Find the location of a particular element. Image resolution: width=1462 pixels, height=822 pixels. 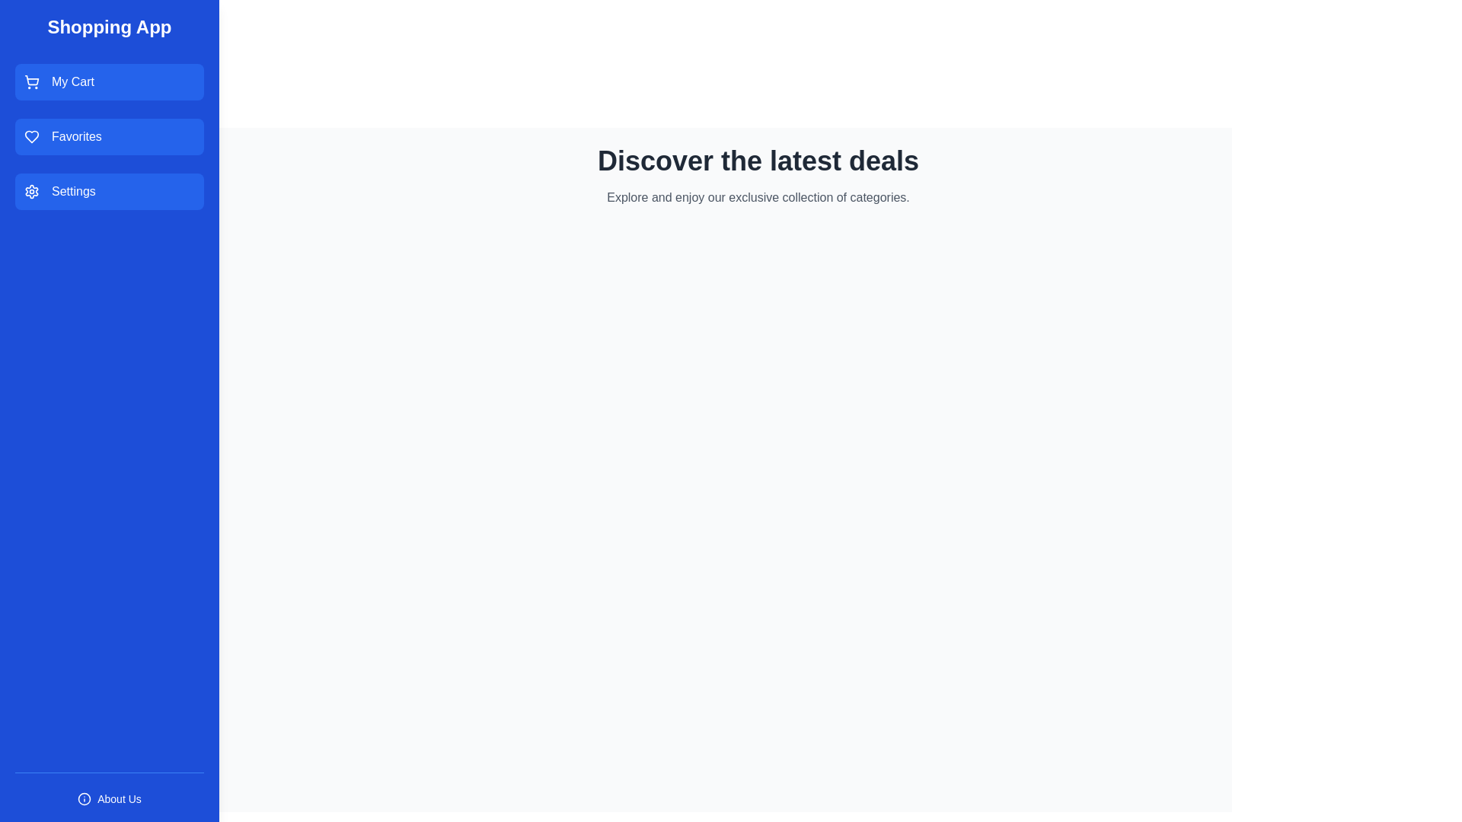

the 'About Us' button located in the footer of the drawer is located at coordinates (109, 798).